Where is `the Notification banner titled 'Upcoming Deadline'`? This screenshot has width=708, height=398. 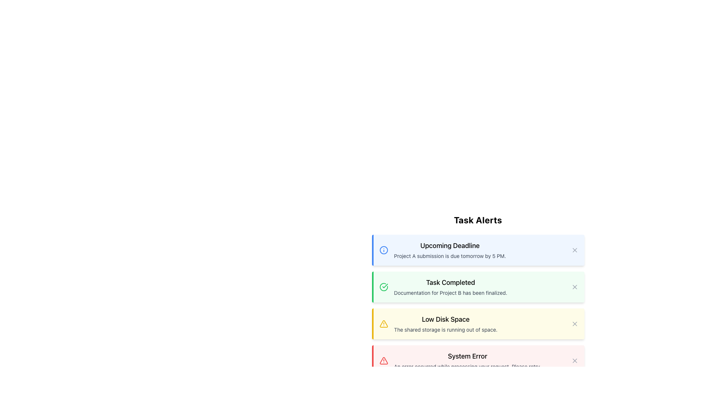 the Notification banner titled 'Upcoming Deadline' is located at coordinates (479, 249).